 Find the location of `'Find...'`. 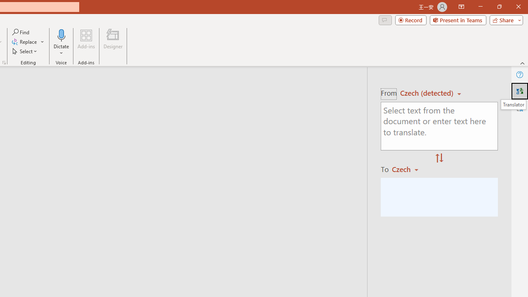

'Find...' is located at coordinates (21, 32).